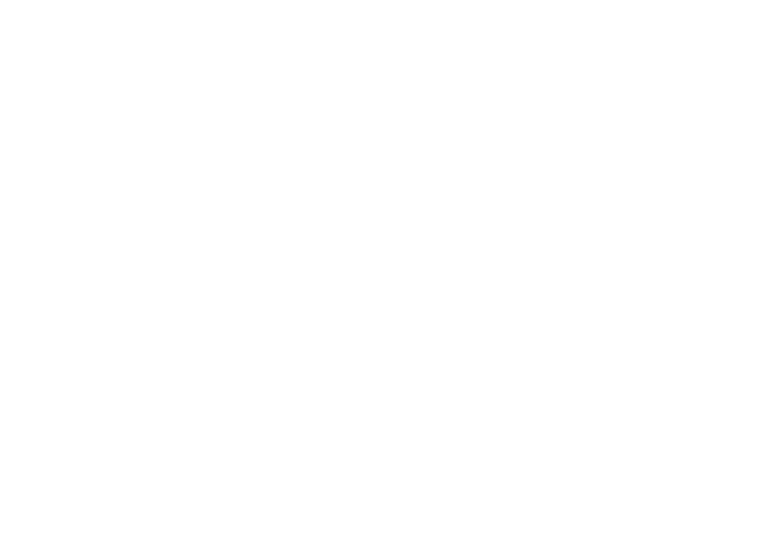 This screenshot has height=545, width=770. I want to click on '© 2022 All rights reserved |', so click(357, 486).